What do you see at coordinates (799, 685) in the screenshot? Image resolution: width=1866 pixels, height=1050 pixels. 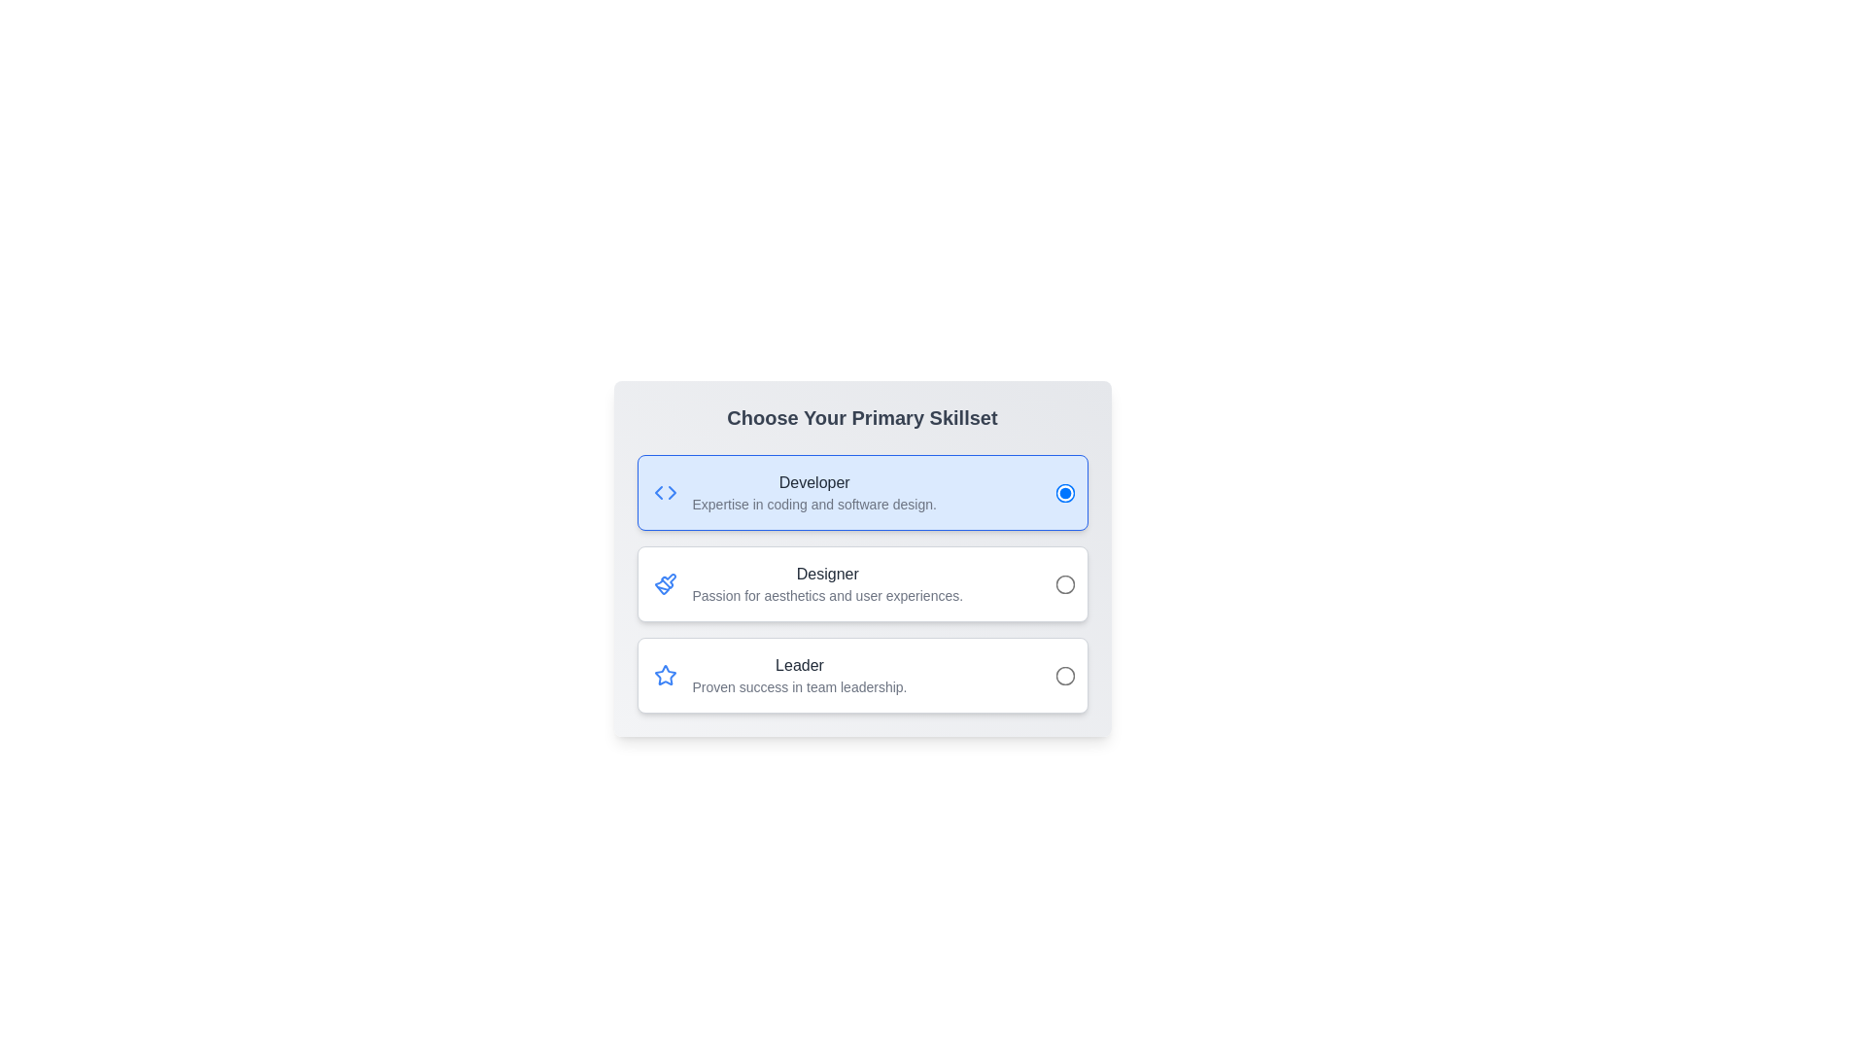 I see `text content of the Text label that says 'Proven success in team leadership.' positioned below the title 'Leader'` at bounding box center [799, 685].